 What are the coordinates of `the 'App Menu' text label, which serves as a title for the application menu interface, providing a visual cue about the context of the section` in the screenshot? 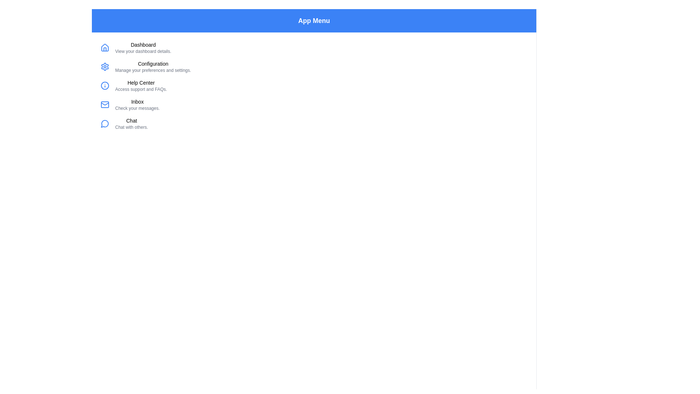 It's located at (314, 20).